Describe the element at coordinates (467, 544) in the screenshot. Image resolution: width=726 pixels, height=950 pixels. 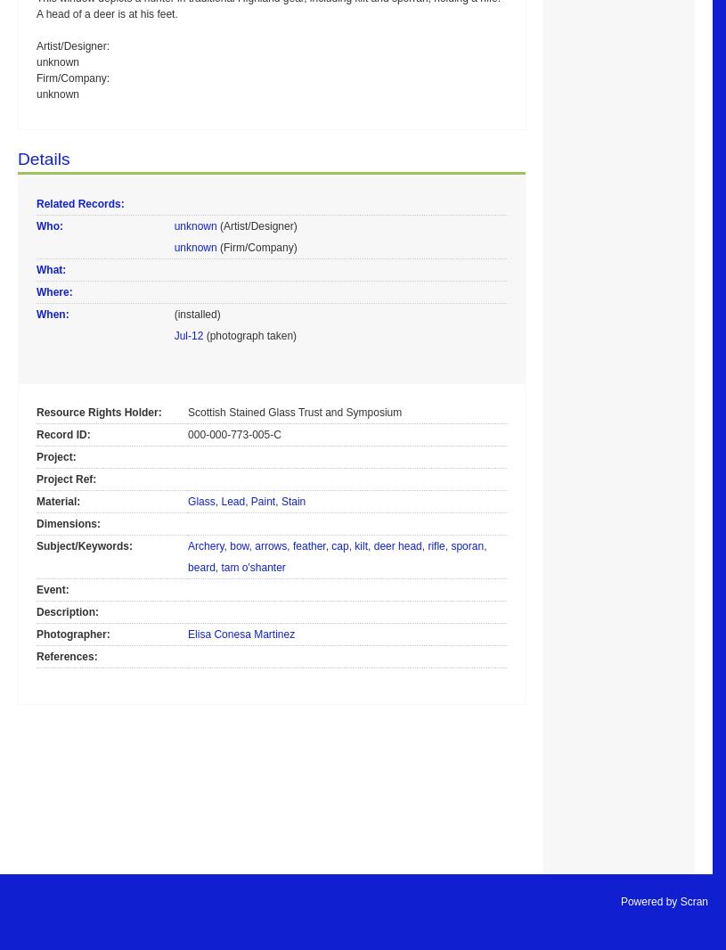
I see `'sporan'` at that location.